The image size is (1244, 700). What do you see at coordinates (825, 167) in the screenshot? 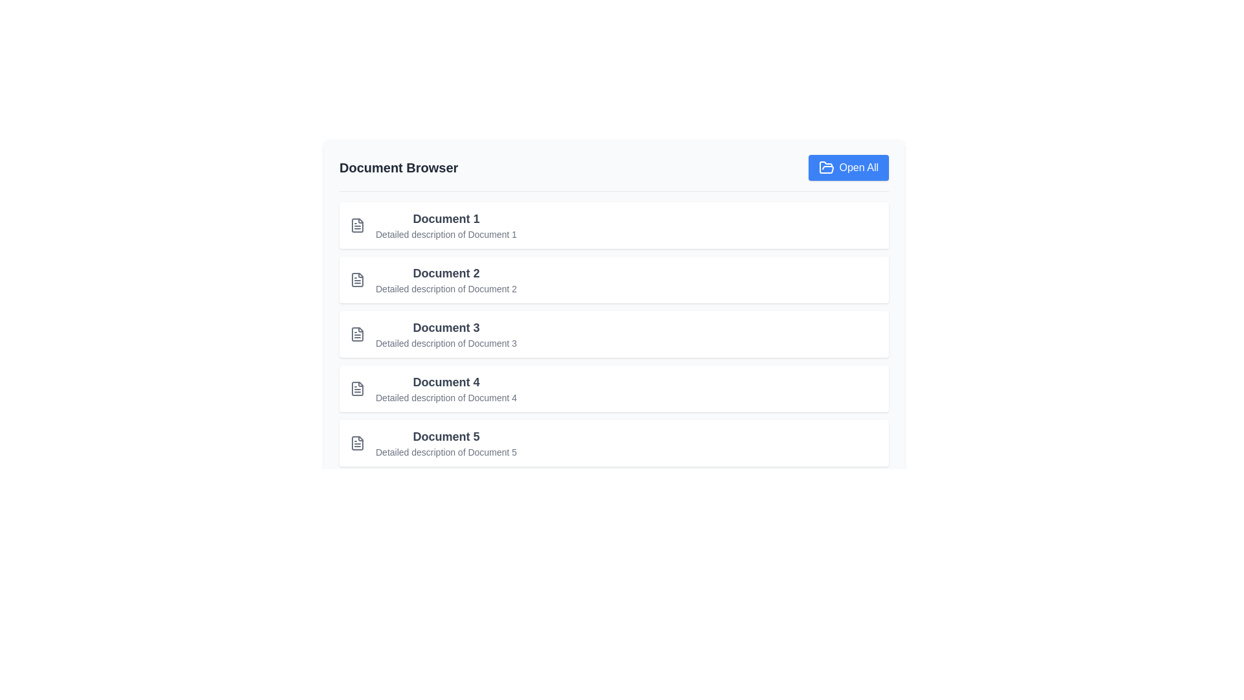
I see `the SVG icon representing a folder, which is located at the top-right corner of the interface adjacent to the 'Open All' button` at bounding box center [825, 167].